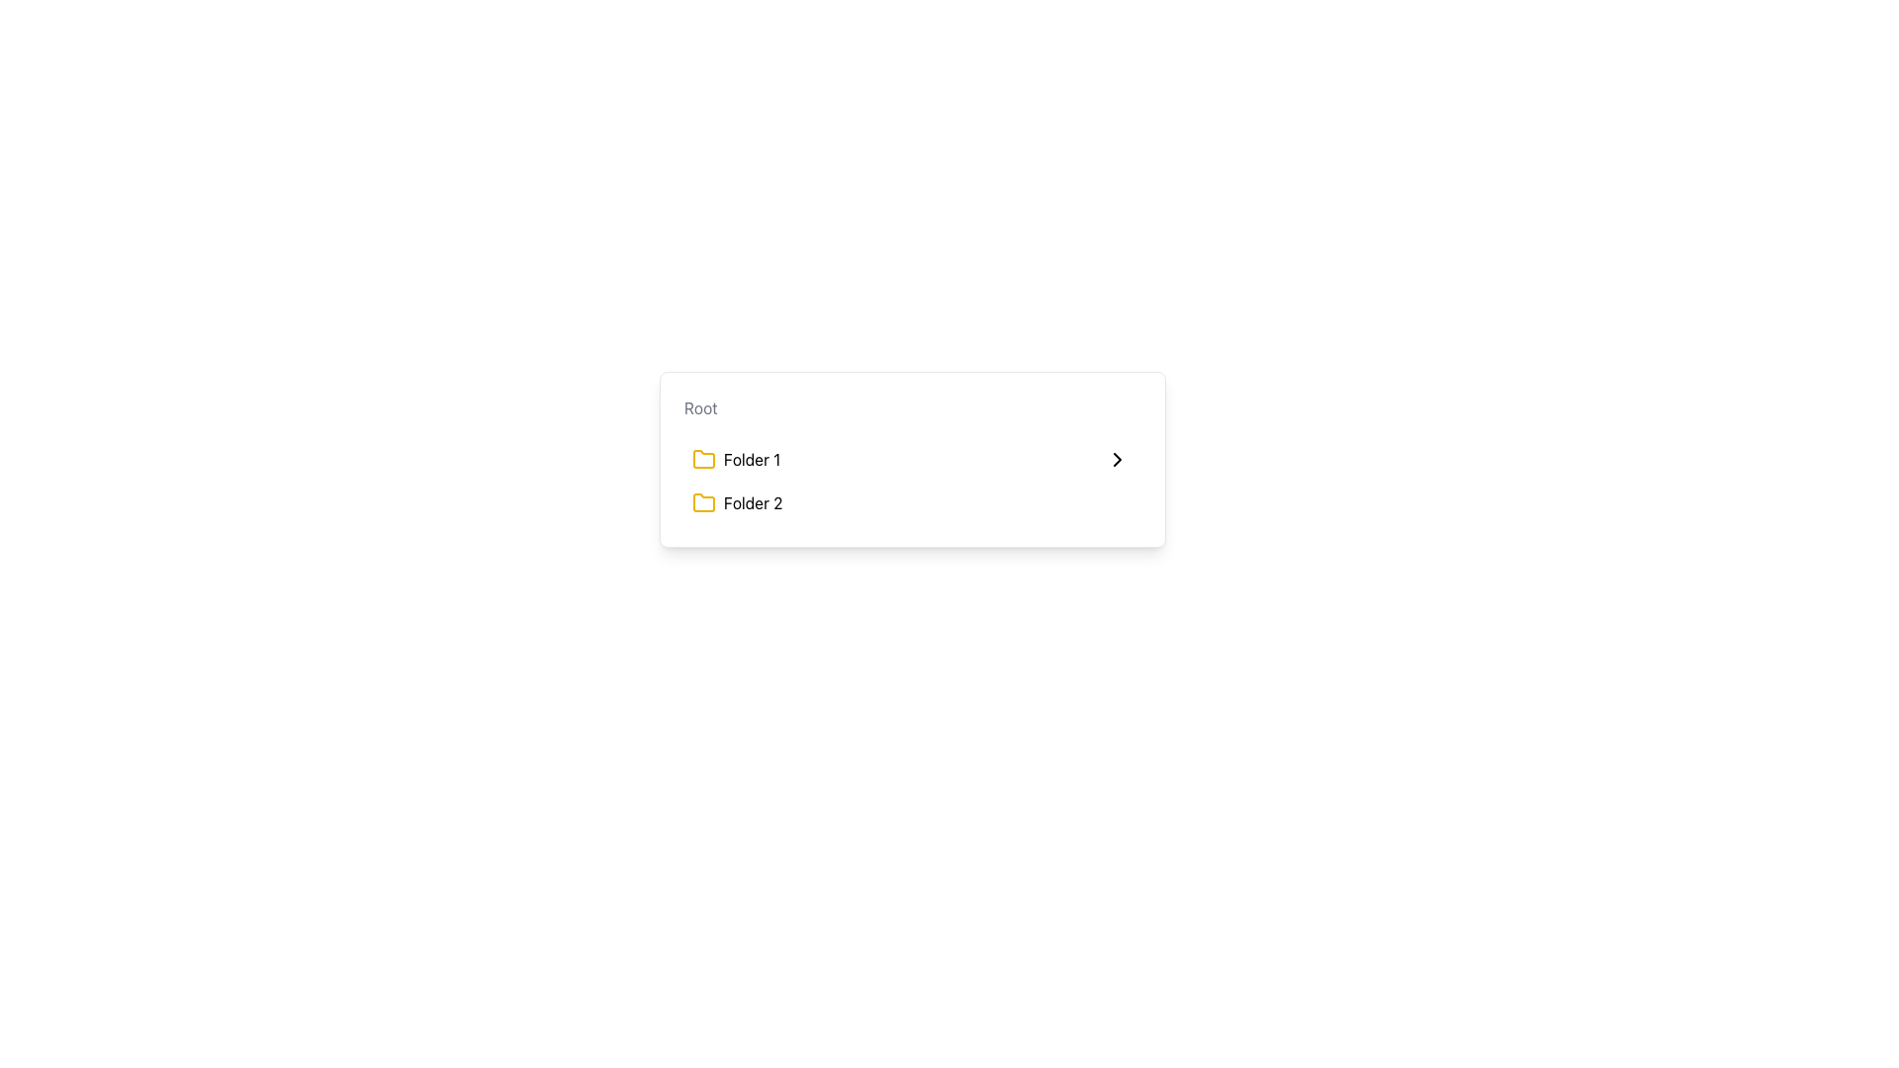 Image resolution: width=1899 pixels, height=1068 pixels. Describe the element at coordinates (703, 502) in the screenshot. I see `the folder icon with a yellow outline that represents 'Folder 2'` at that location.